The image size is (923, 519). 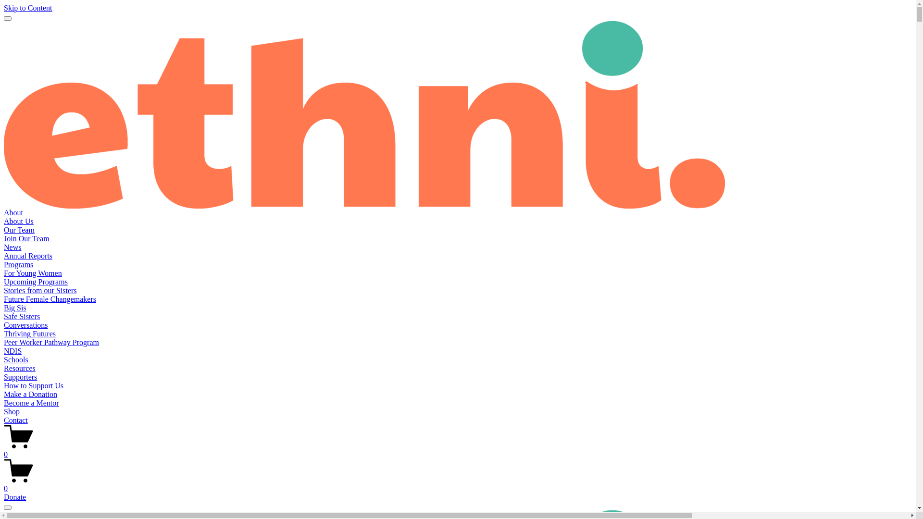 What do you see at coordinates (12, 247) in the screenshot?
I see `'News'` at bounding box center [12, 247].